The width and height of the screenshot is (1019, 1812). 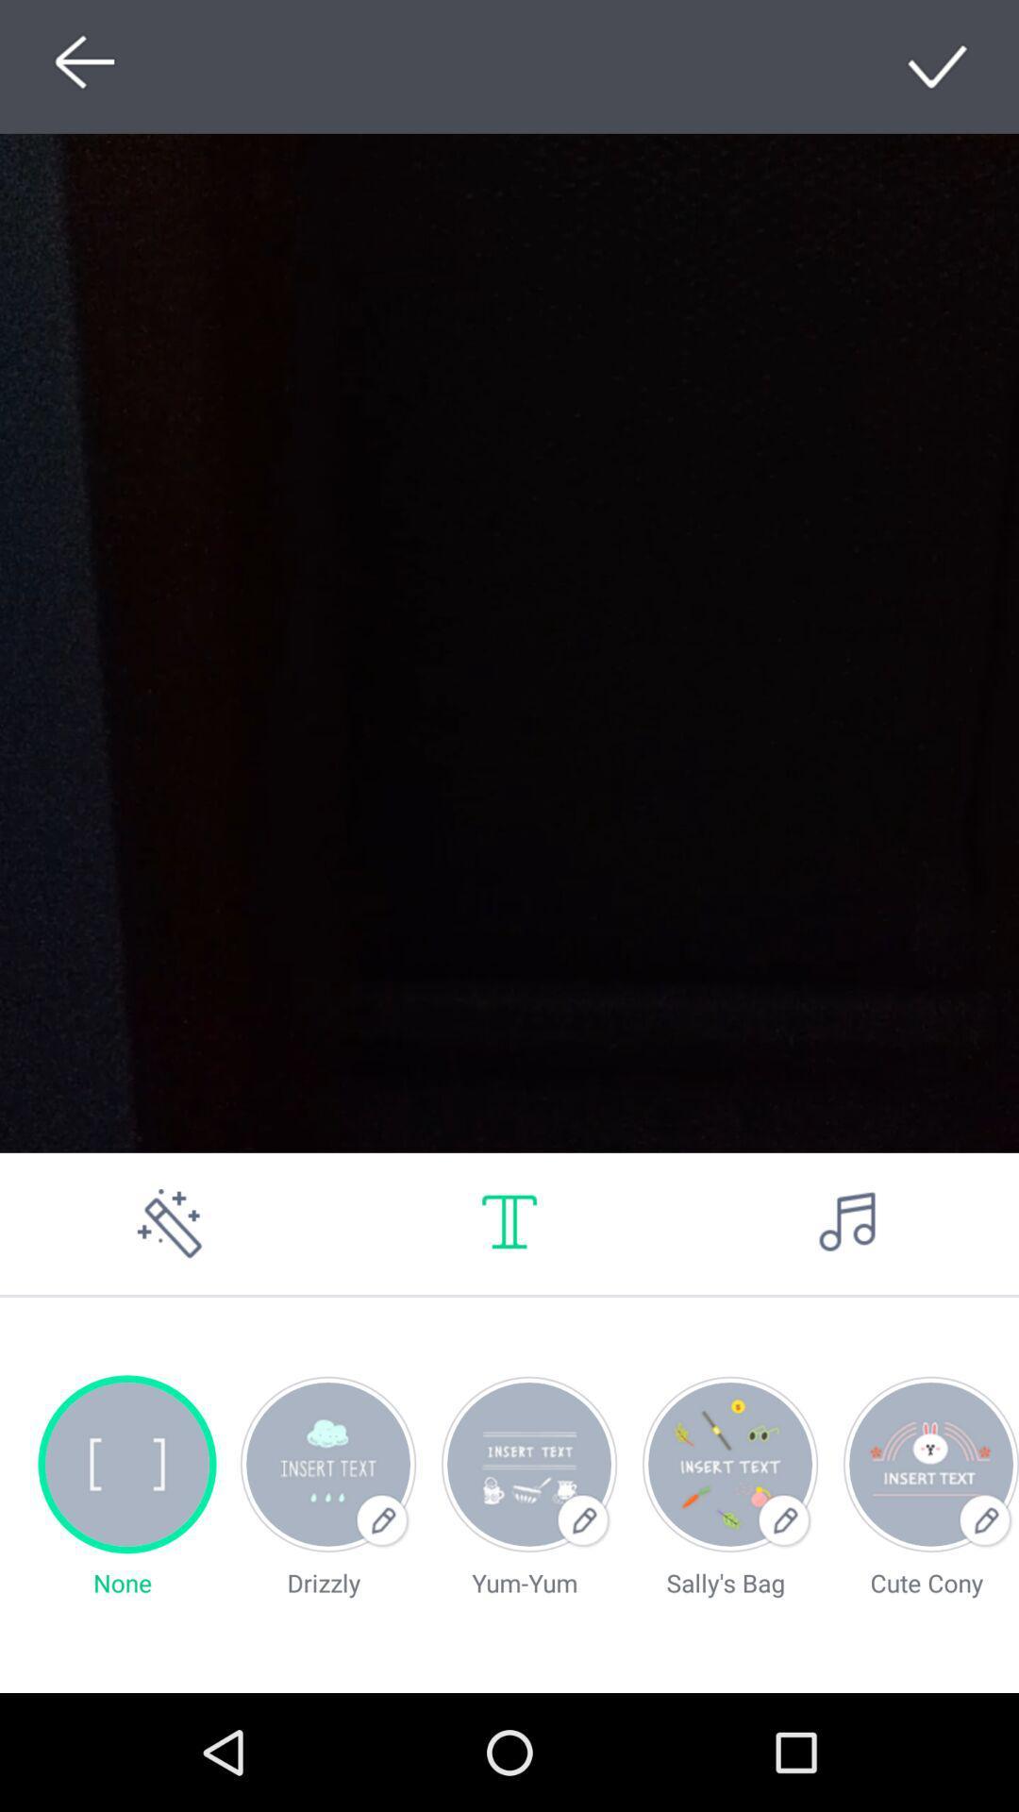 I want to click on sound button, so click(x=847, y=1223).